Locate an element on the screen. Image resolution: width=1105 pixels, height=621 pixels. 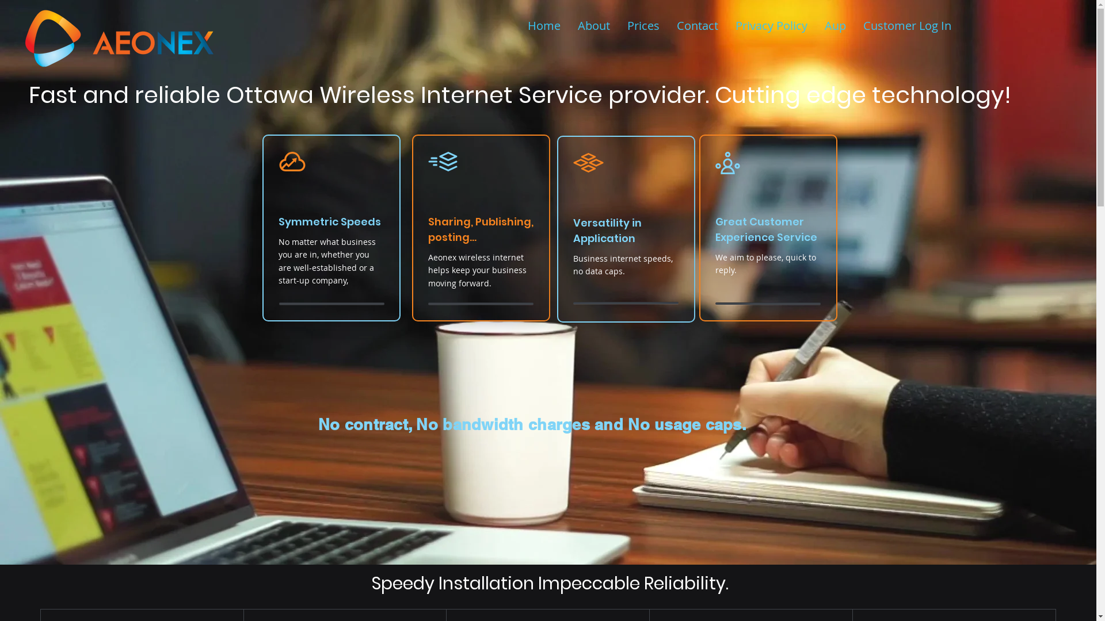
'Home' is located at coordinates (543, 26).